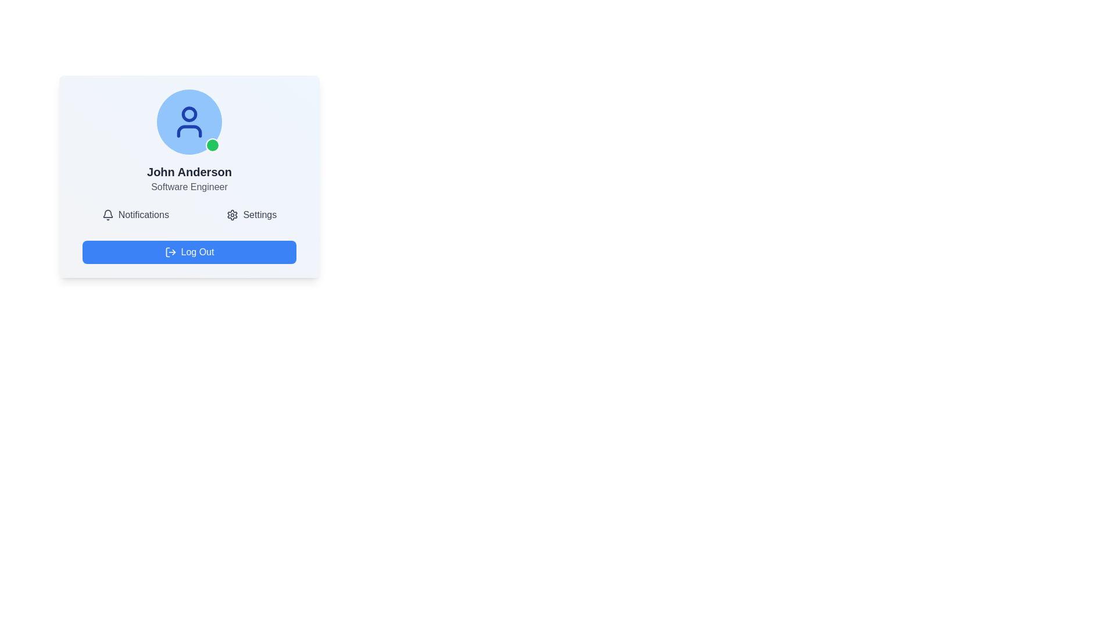 The image size is (1116, 628). I want to click on the rectangular shape representing the body of the user's avatar icon, which is located below the circular head within the profile display, so click(189, 131).